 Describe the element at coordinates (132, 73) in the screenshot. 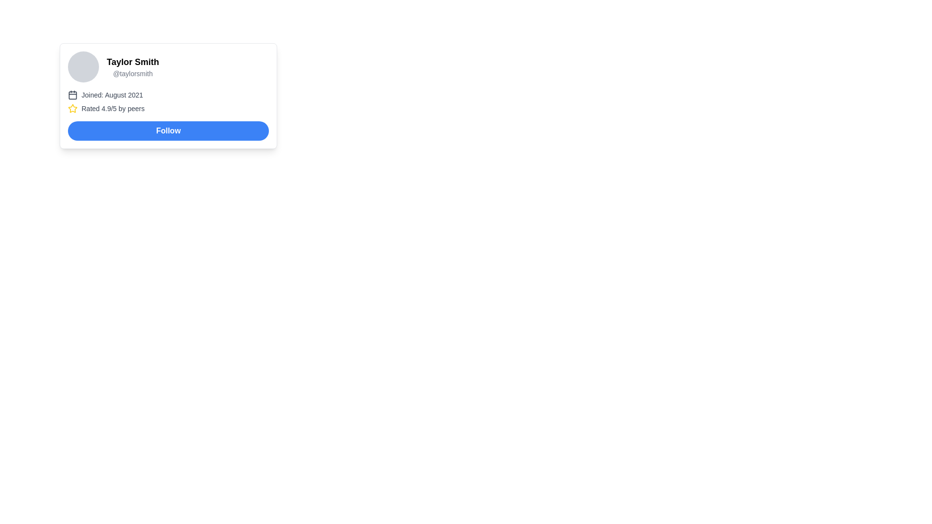

I see `the text label displaying the username or handle associated with the user profile, which is positioned directly below the 'Taylor Smith' text` at that location.